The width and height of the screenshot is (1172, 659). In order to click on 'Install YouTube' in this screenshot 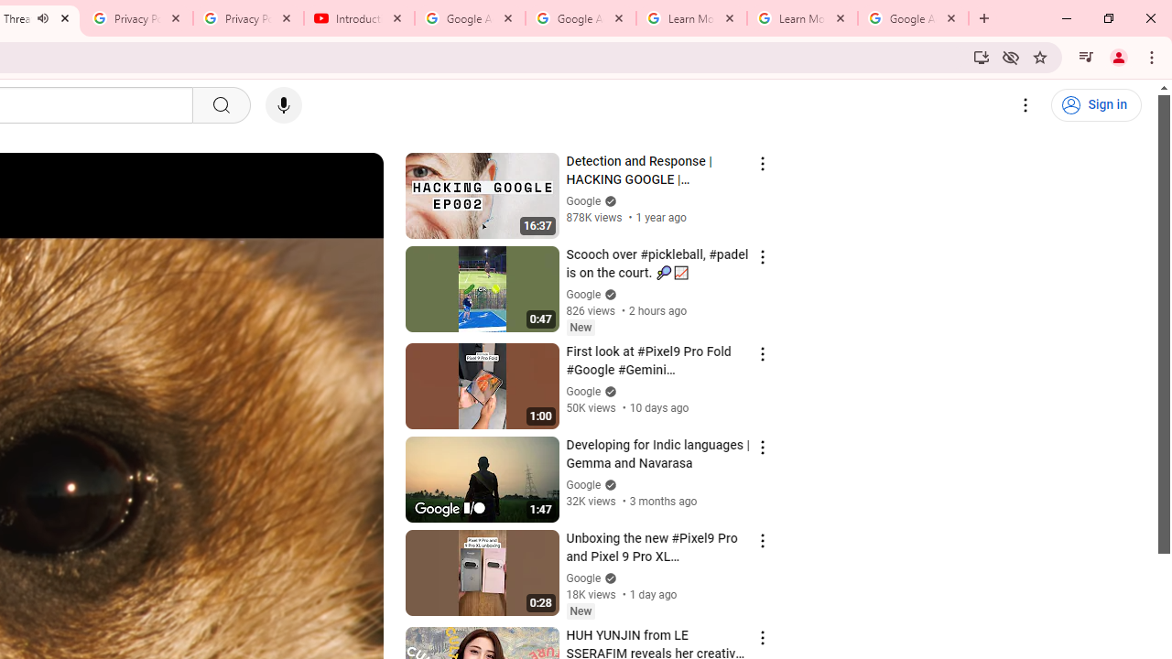, I will do `click(981, 56)`.